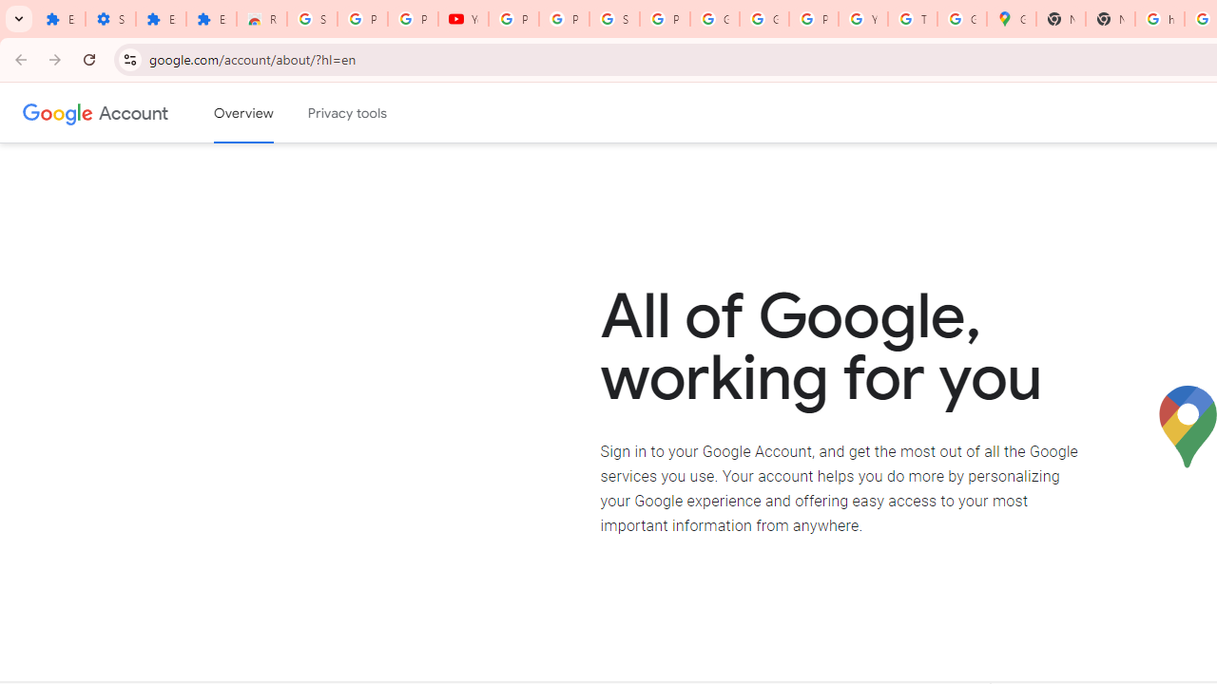 This screenshot has height=684, width=1217. Describe the element at coordinates (242, 113) in the screenshot. I see `'Google Account overview'` at that location.